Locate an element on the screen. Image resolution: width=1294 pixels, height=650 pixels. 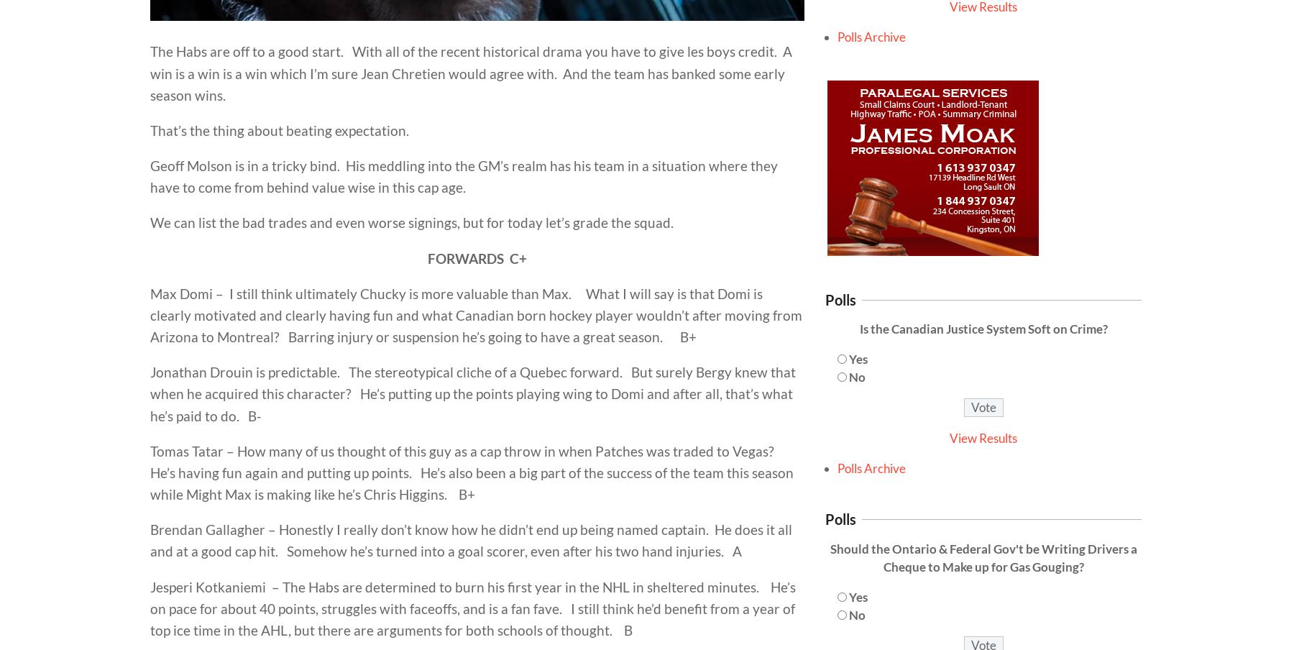
'That’s the thing about beating expectation.' is located at coordinates (279, 129).